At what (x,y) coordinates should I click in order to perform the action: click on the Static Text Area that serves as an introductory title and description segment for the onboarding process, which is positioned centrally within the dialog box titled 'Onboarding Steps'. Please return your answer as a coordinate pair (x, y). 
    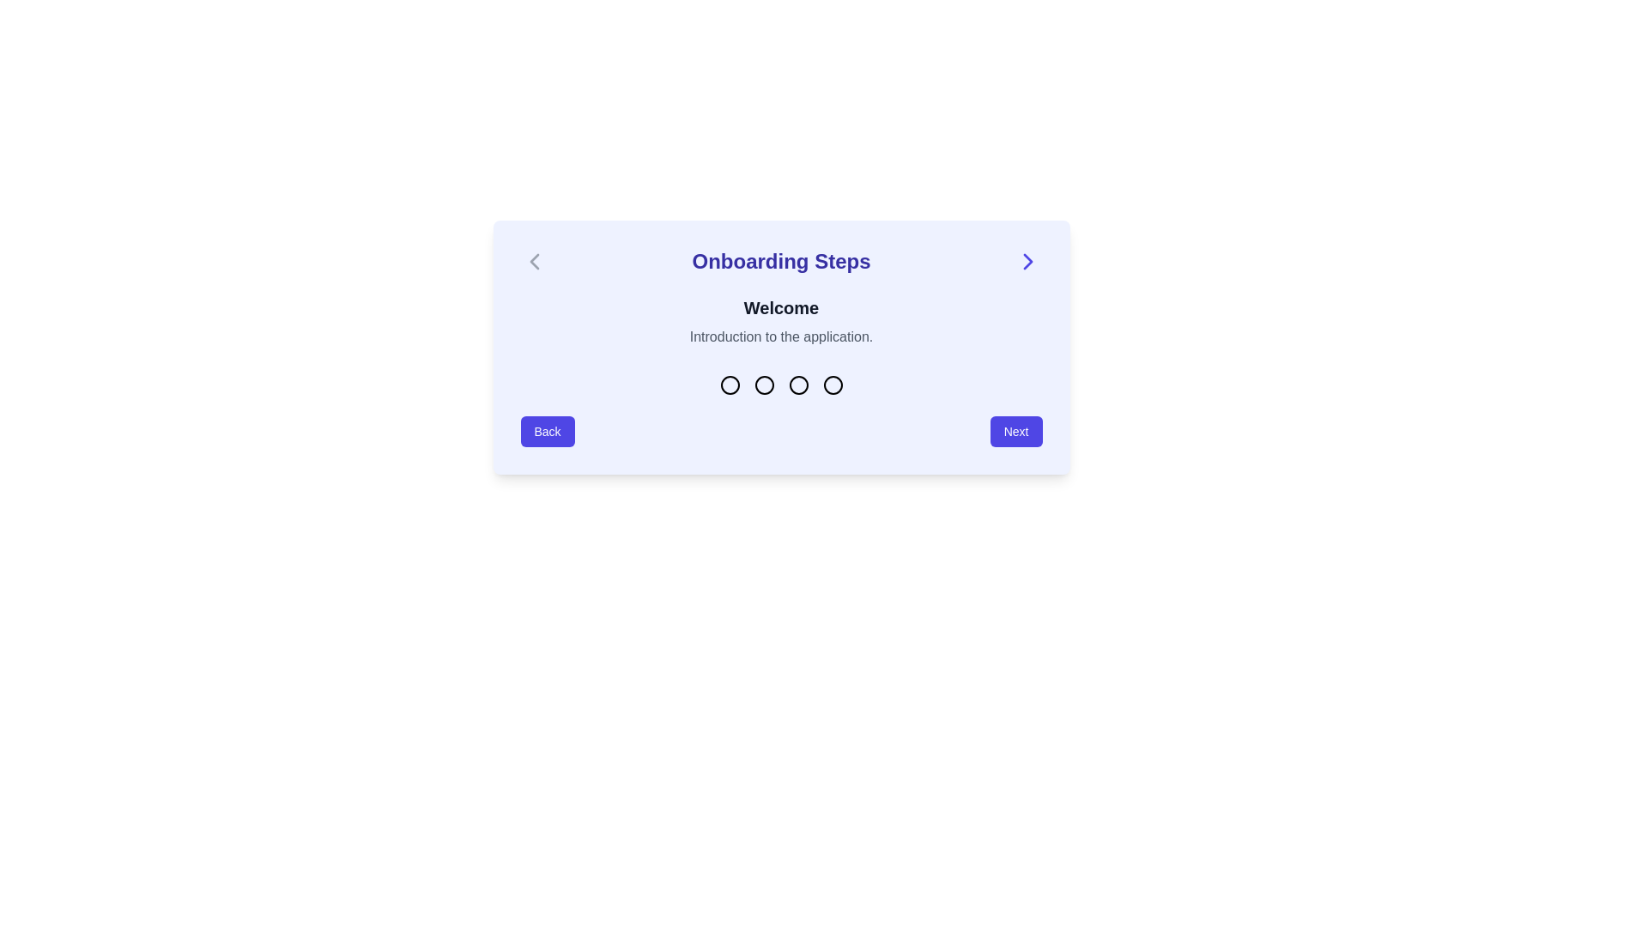
    Looking at the image, I should click on (780, 321).